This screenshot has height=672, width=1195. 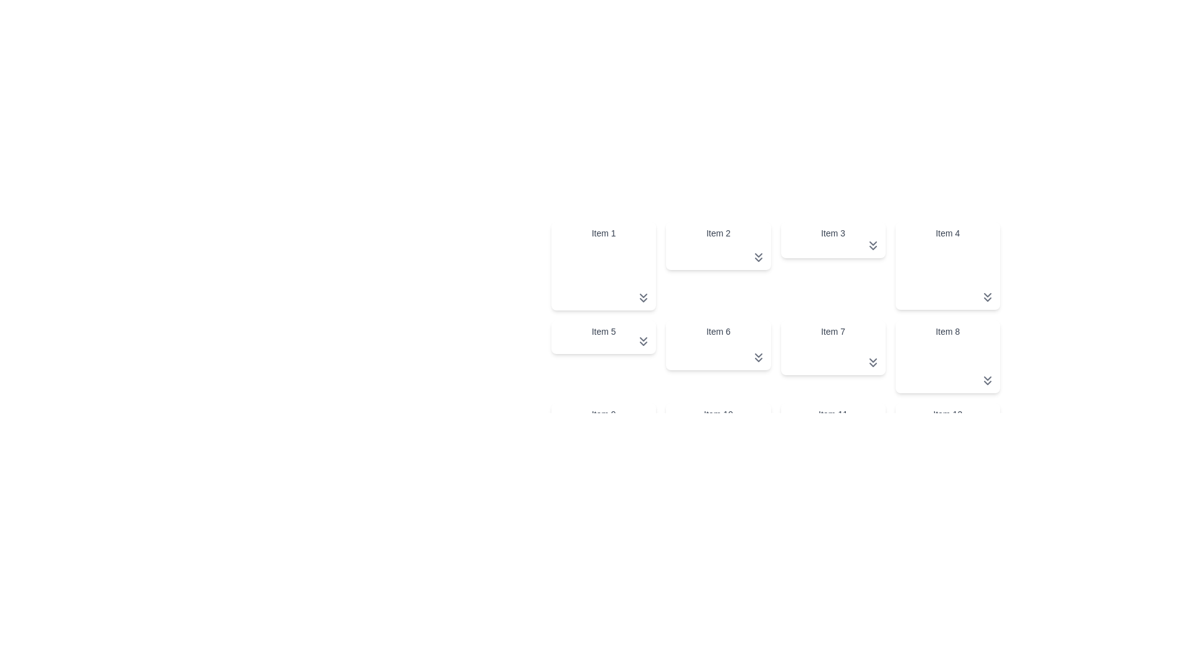 What do you see at coordinates (718, 414) in the screenshot?
I see `the 'Item 10' label text, which is styled in gray with a medium font size and located within a card-like component` at bounding box center [718, 414].